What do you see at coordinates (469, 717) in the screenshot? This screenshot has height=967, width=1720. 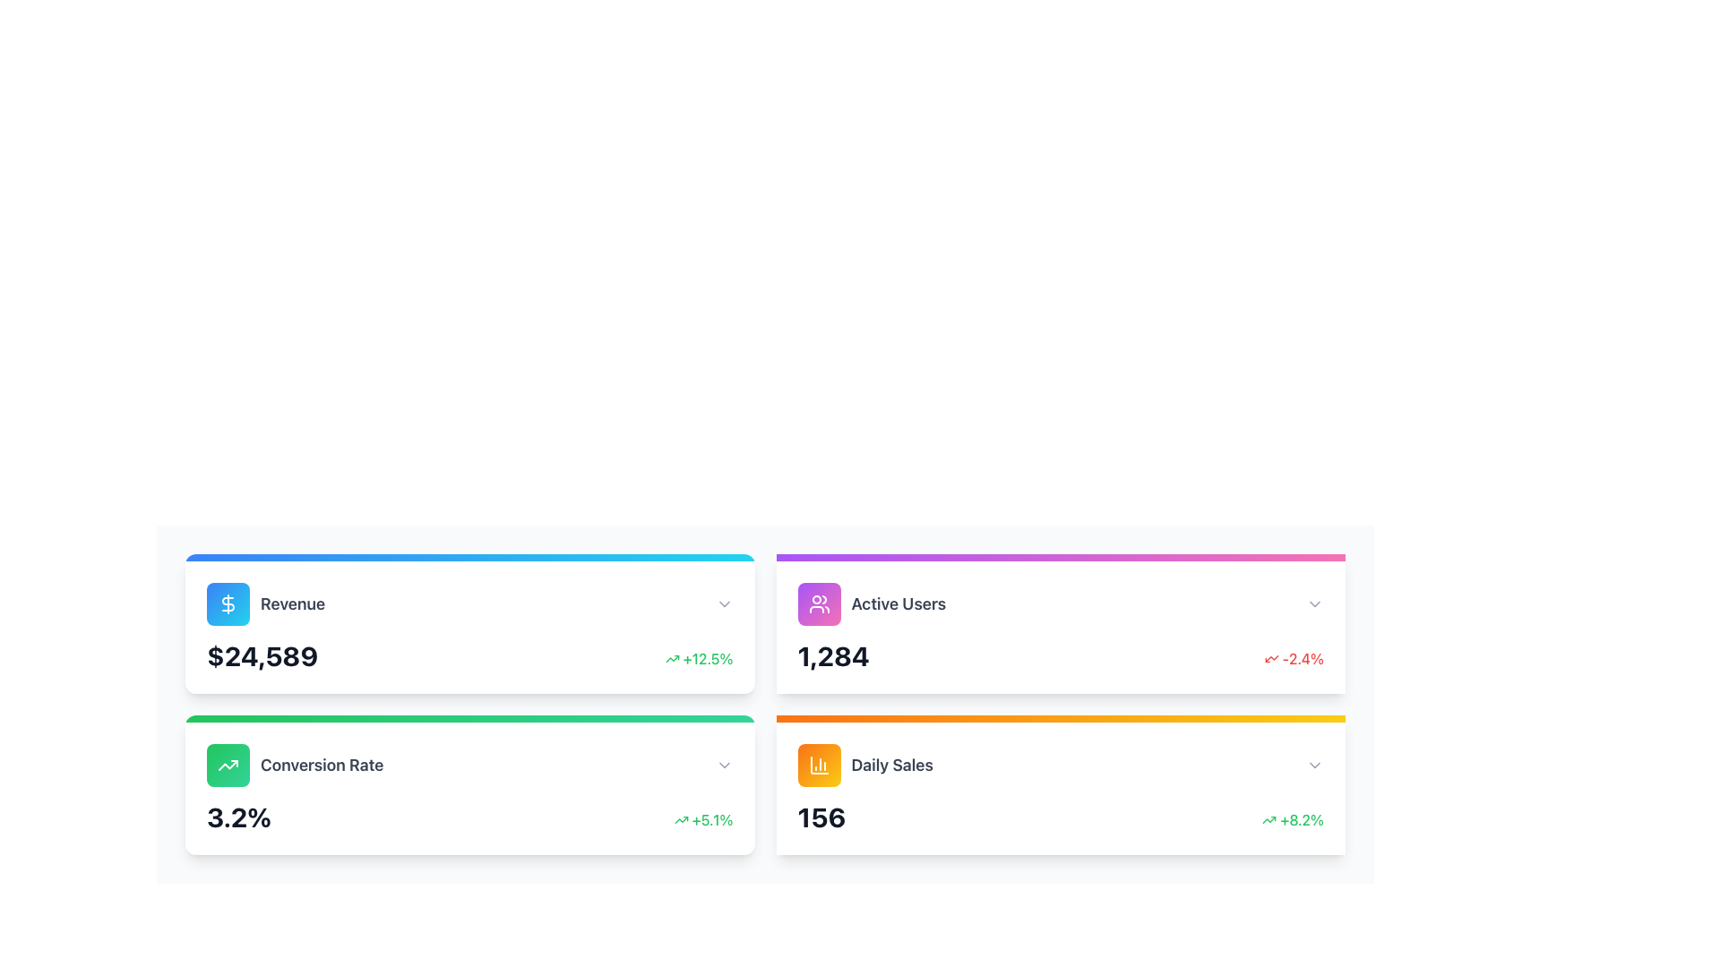 I see `the progress bar located beneath the 'Conversion Rate' header, visually indicating progress or completion` at bounding box center [469, 717].